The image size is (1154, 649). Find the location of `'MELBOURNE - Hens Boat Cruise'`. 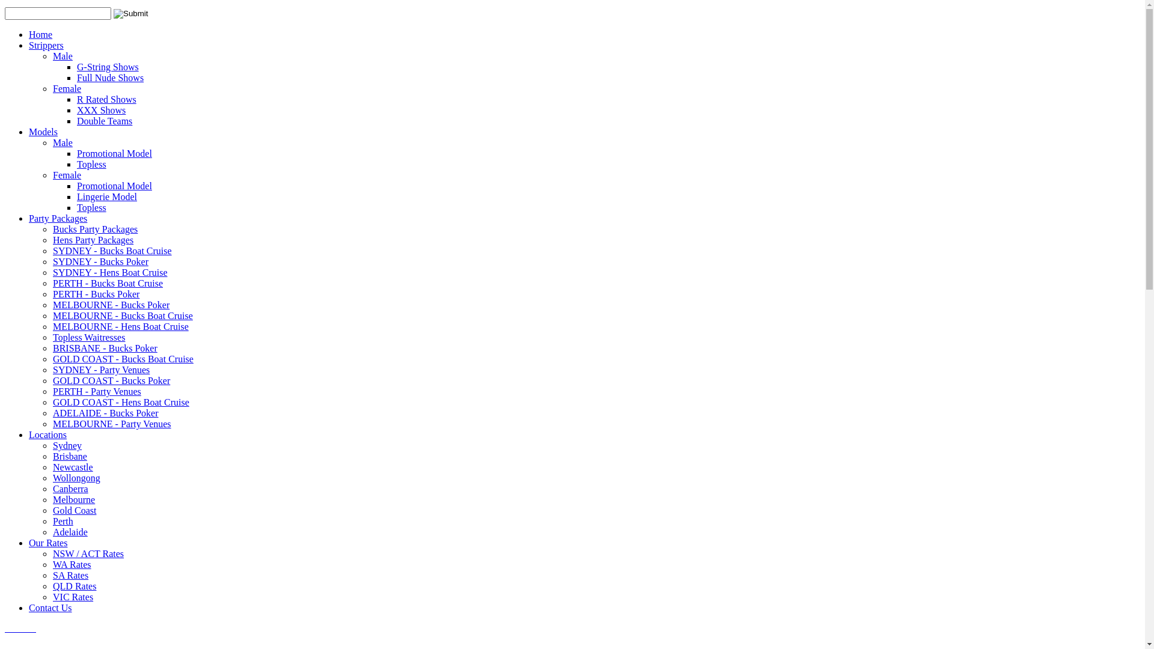

'MELBOURNE - Hens Boat Cruise' is located at coordinates (121, 326).